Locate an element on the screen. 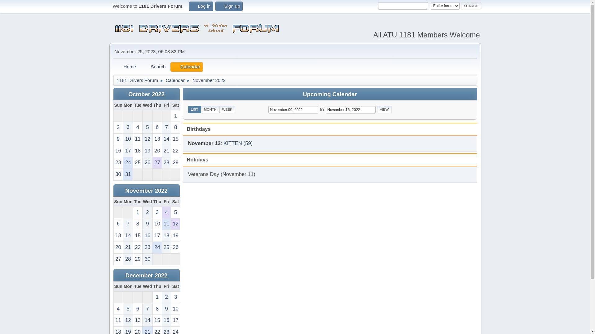  '10' is located at coordinates (175, 309).